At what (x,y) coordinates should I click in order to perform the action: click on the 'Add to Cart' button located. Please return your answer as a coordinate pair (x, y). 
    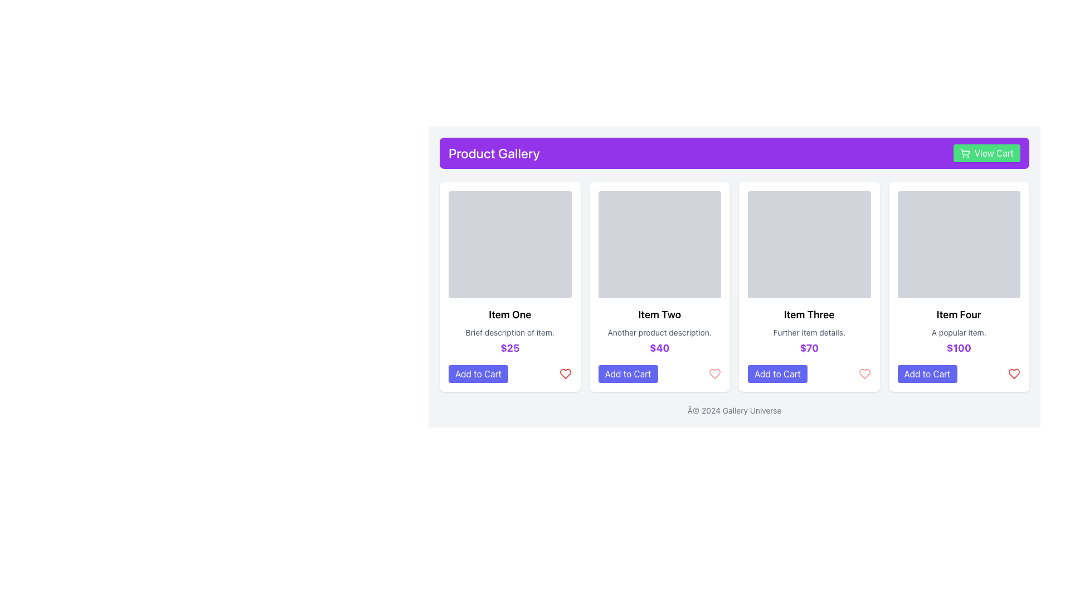
    Looking at the image, I should click on (509, 374).